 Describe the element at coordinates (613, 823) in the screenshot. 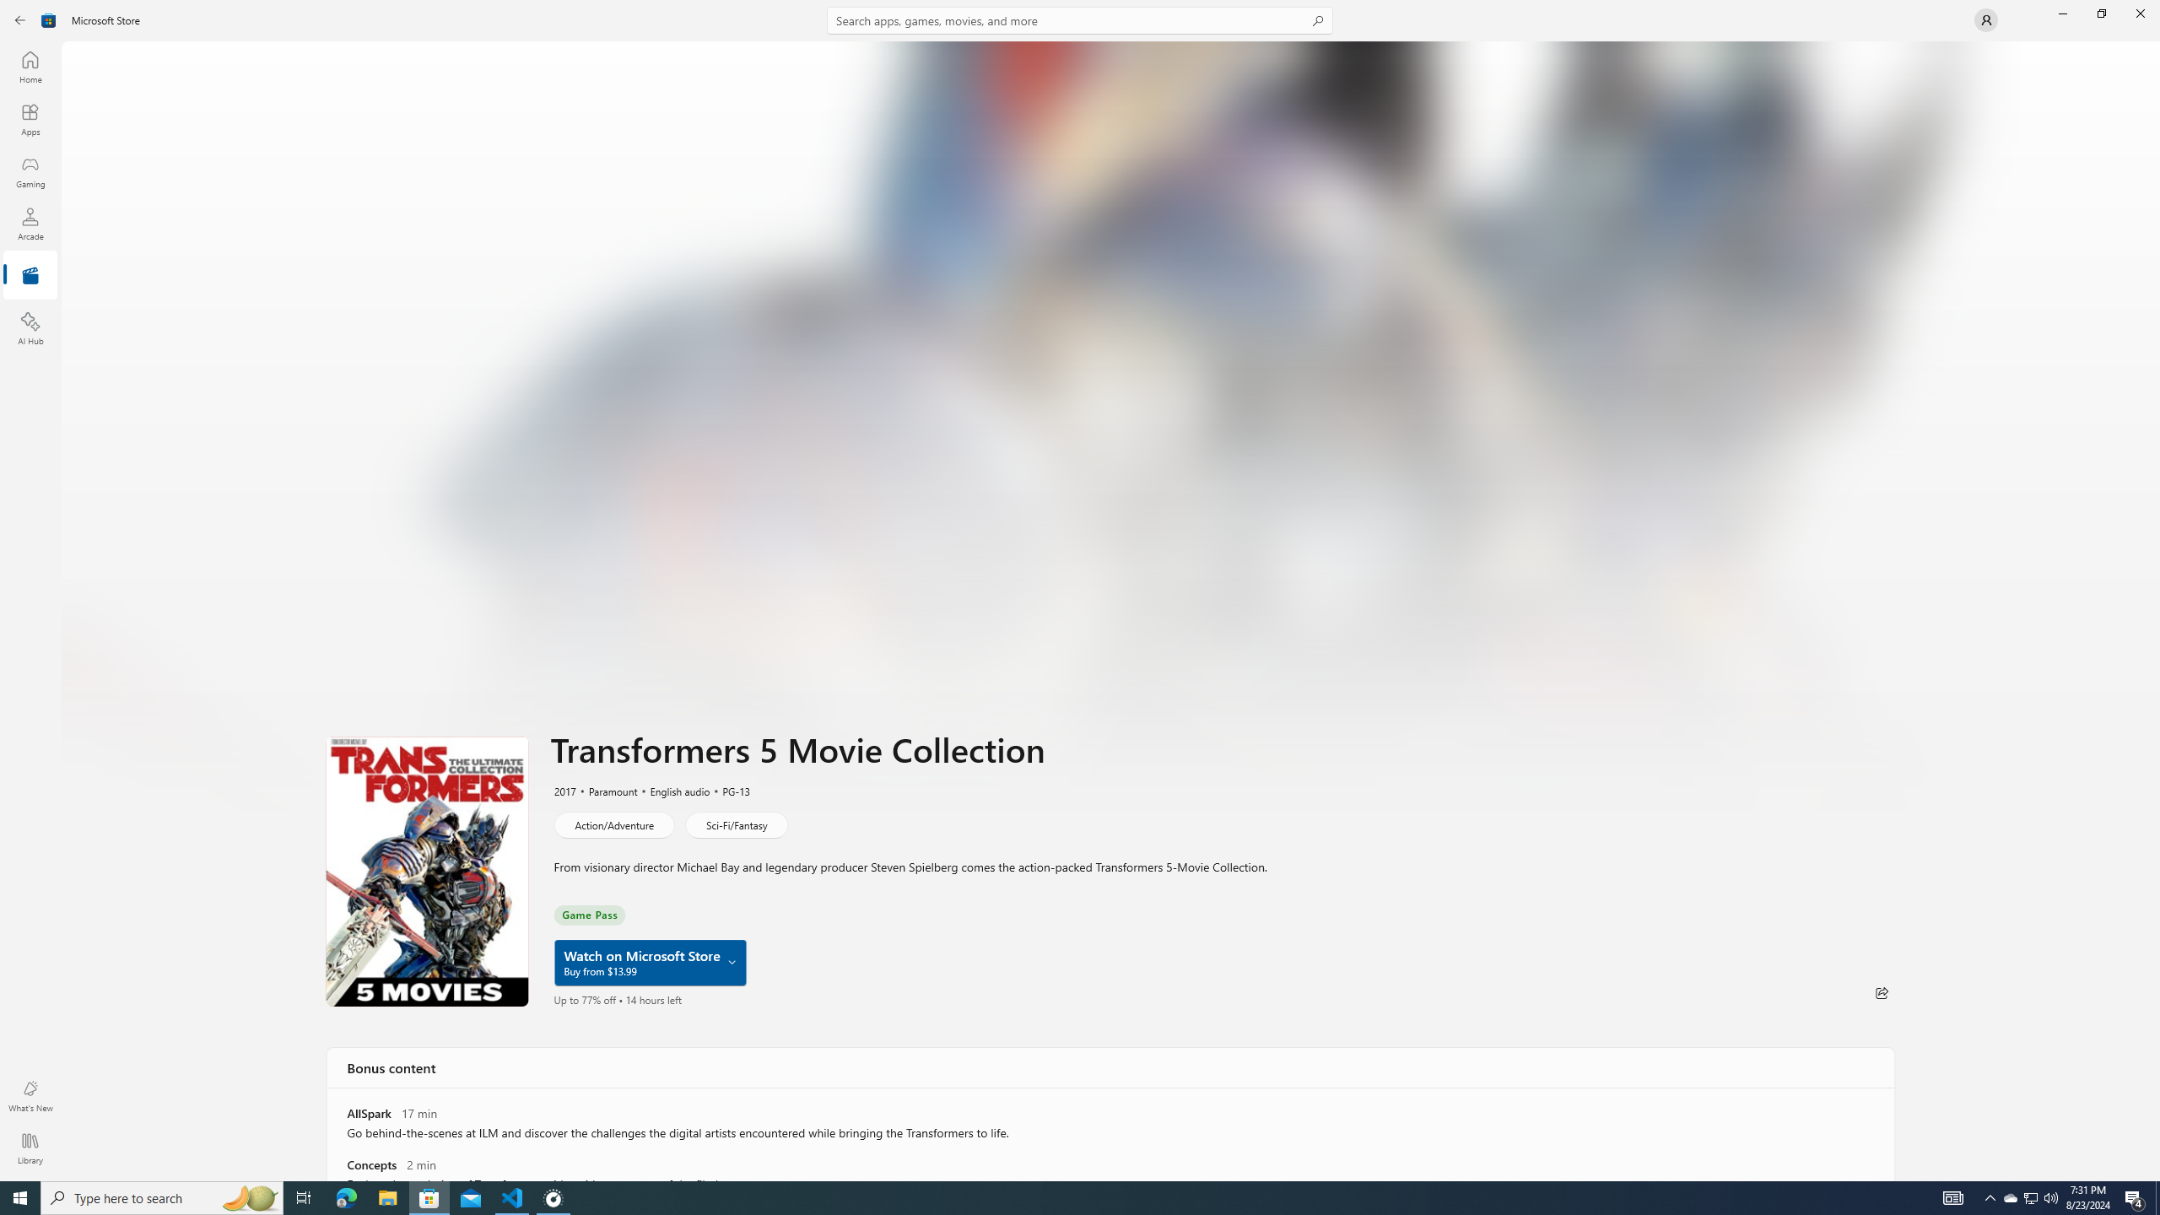

I see `'Action/Adventure'` at that location.